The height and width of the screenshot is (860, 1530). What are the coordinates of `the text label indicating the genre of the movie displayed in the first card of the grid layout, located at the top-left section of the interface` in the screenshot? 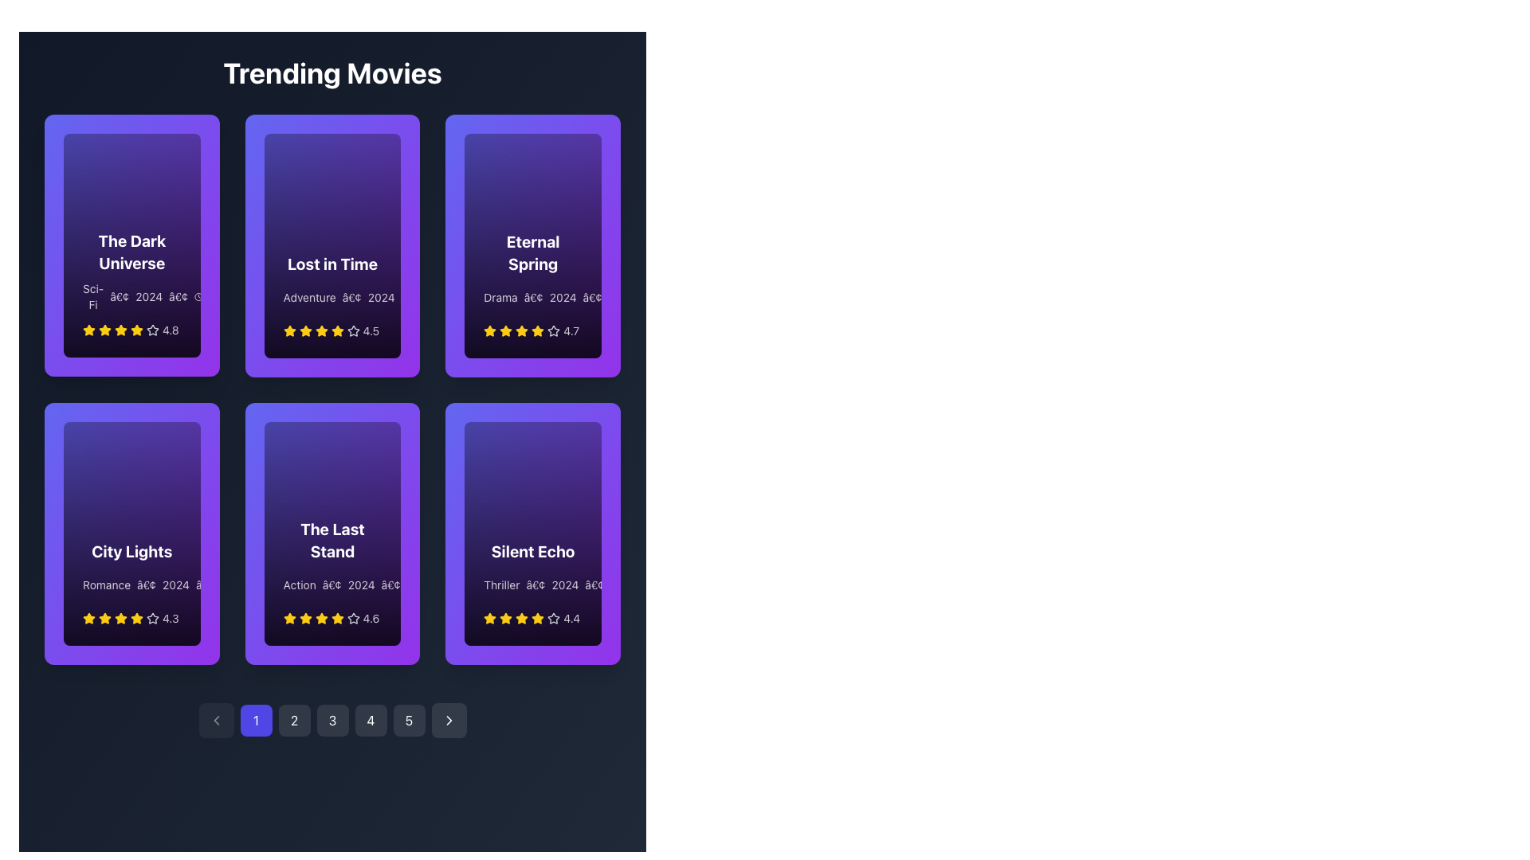 It's located at (92, 297).